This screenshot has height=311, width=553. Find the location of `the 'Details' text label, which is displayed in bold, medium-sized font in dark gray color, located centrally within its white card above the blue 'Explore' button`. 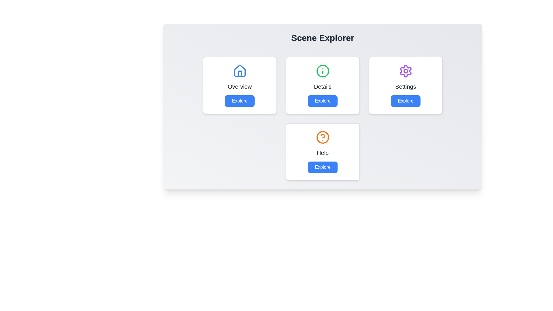

the 'Details' text label, which is displayed in bold, medium-sized font in dark gray color, located centrally within its white card above the blue 'Explore' button is located at coordinates (323, 86).